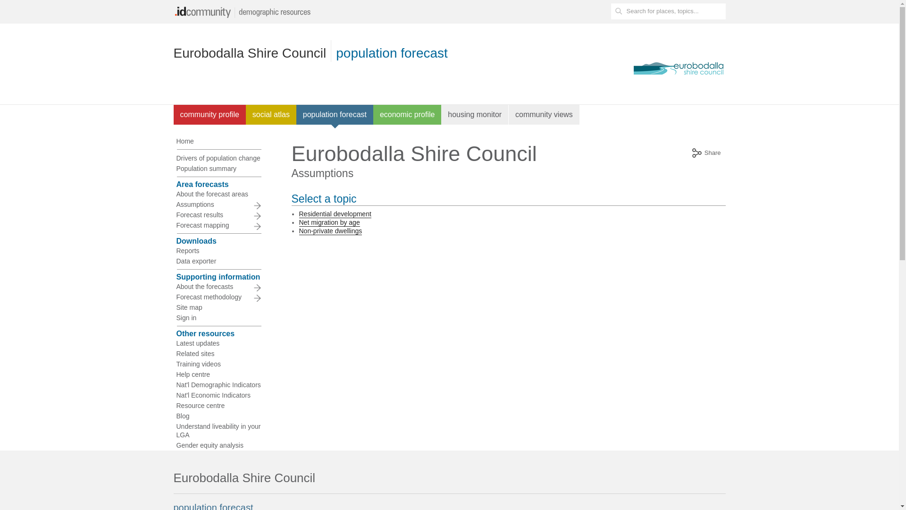  What do you see at coordinates (218, 194) in the screenshot?
I see `'About the forecast areas'` at bounding box center [218, 194].